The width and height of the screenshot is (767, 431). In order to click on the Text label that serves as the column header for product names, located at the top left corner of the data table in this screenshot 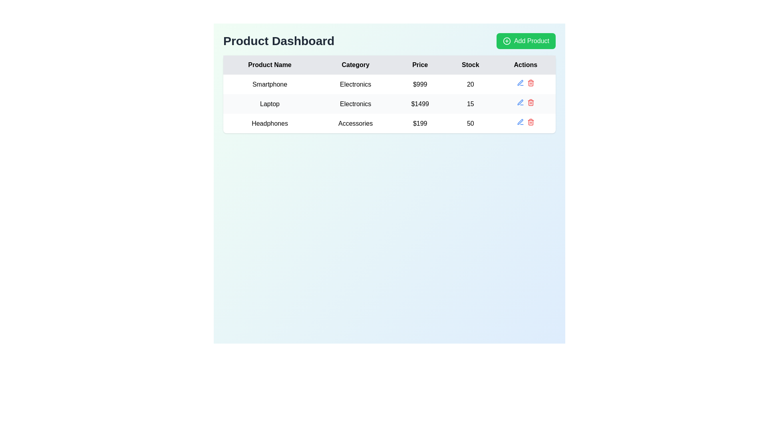, I will do `click(270, 64)`.